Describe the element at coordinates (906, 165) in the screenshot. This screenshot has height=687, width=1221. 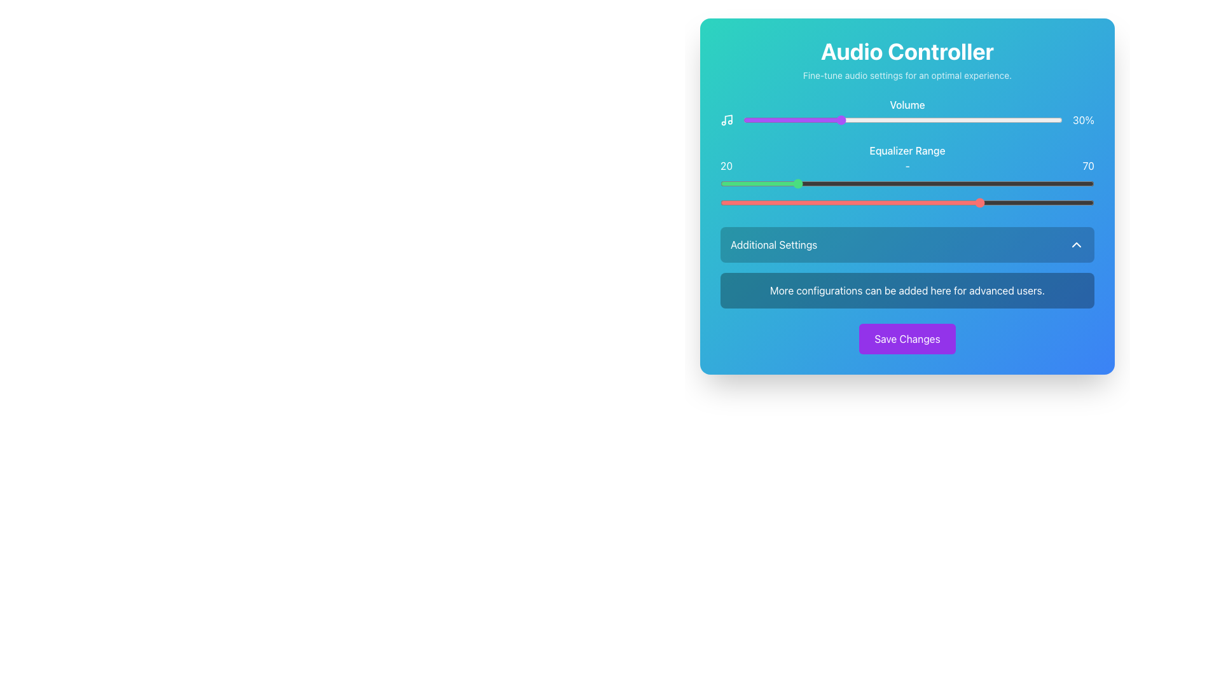
I see `the Text Label element displaying '20-70', which is centrally positioned above the two slider controls in the Equalizer Range group` at that location.